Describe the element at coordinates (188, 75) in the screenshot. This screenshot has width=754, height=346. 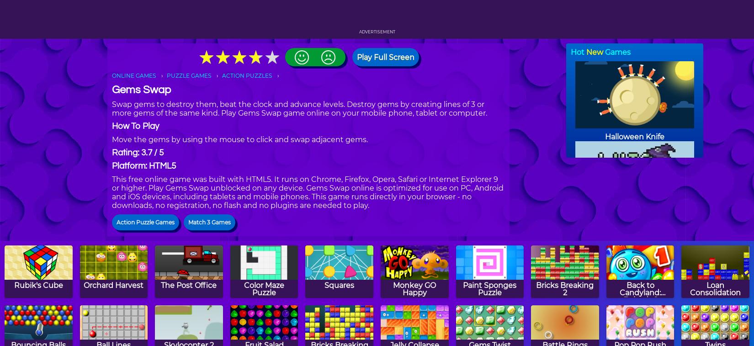
I see `'PUZZLE GAMES'` at that location.